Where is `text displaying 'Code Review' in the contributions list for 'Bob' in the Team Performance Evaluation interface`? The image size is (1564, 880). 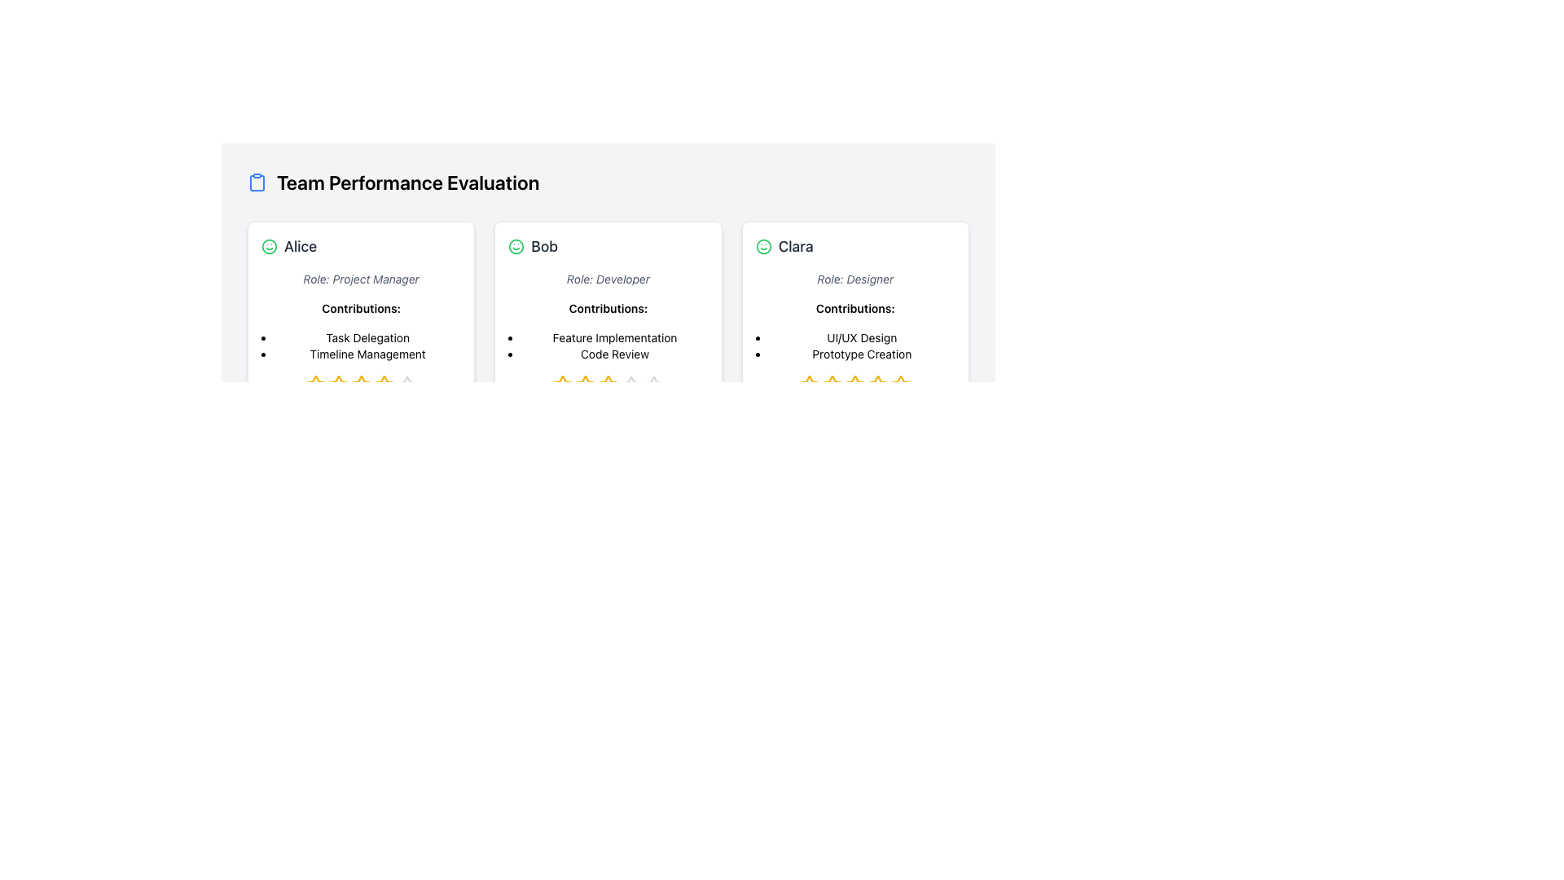 text displaying 'Code Review' in the contributions list for 'Bob' in the Team Performance Evaluation interface is located at coordinates (613, 354).